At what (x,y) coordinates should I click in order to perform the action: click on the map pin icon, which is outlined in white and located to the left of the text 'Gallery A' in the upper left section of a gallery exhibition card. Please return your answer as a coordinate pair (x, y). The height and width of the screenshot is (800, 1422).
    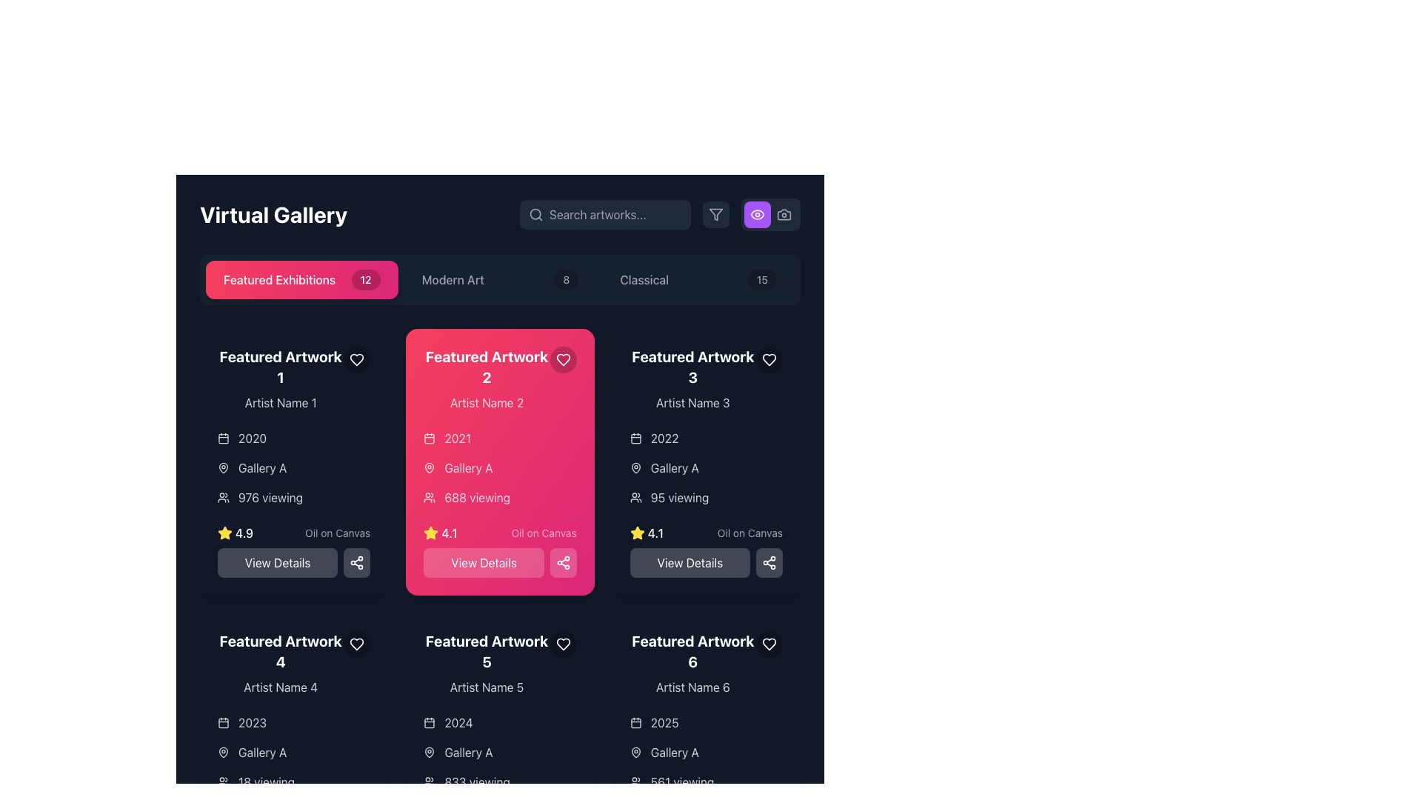
    Looking at the image, I should click on (223, 468).